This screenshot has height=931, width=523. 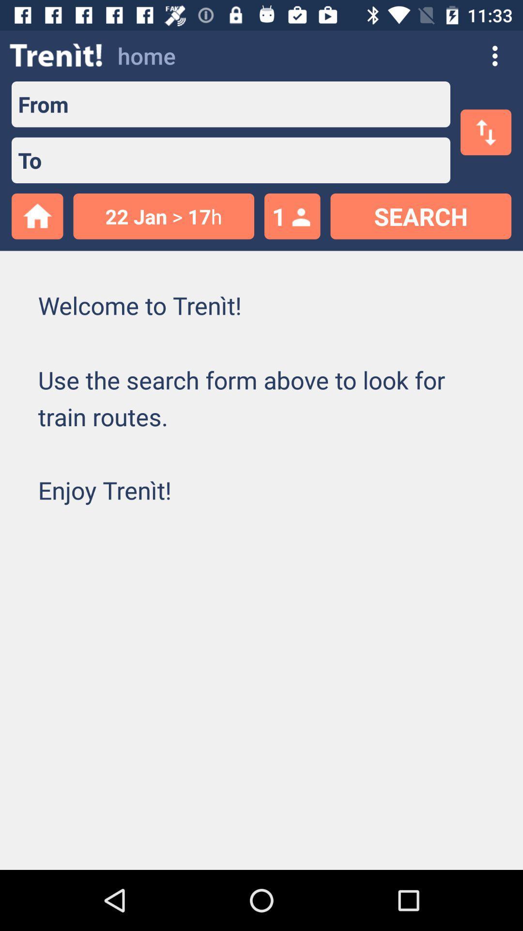 What do you see at coordinates (163, 216) in the screenshot?
I see `item next to 1 item` at bounding box center [163, 216].